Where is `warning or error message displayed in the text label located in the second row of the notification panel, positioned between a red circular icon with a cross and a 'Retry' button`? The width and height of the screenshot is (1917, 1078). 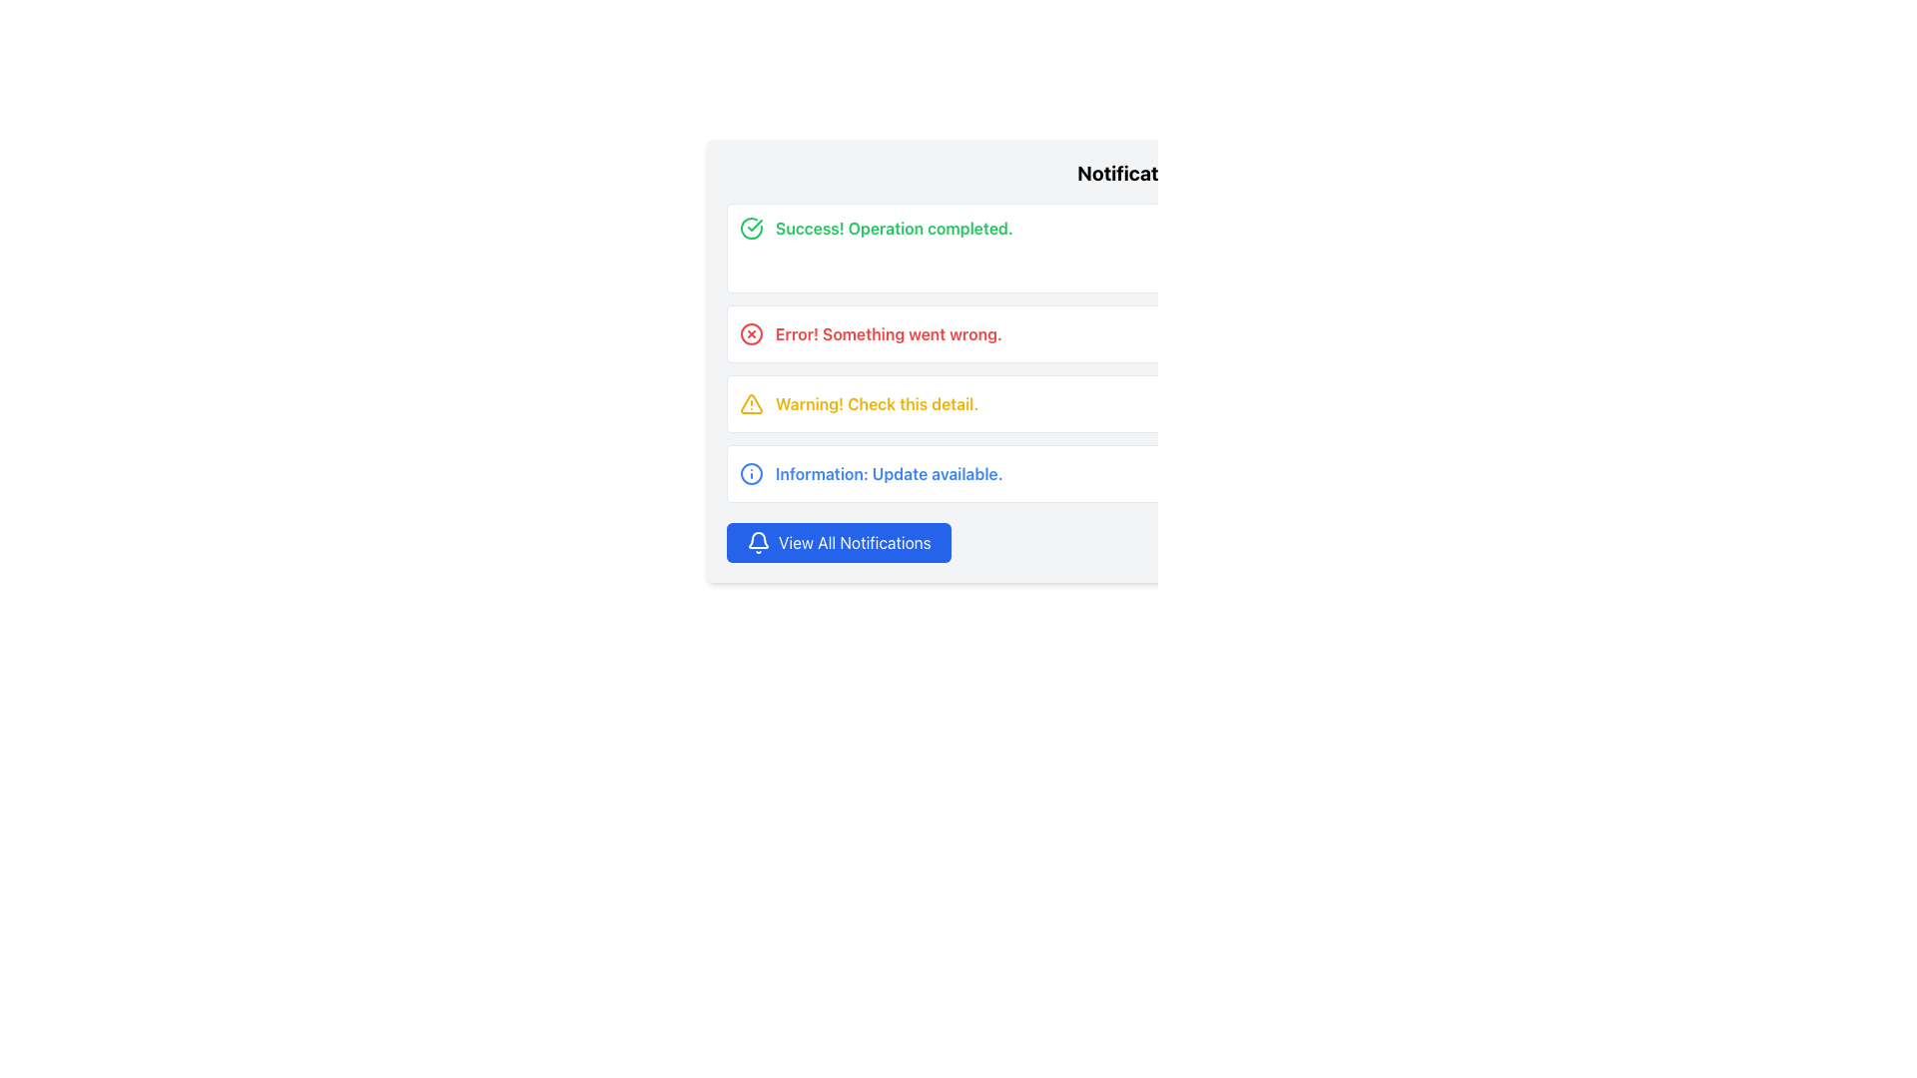 warning or error message displayed in the text label located in the second row of the notification panel, positioned between a red circular icon with a cross and a 'Retry' button is located at coordinates (888, 333).